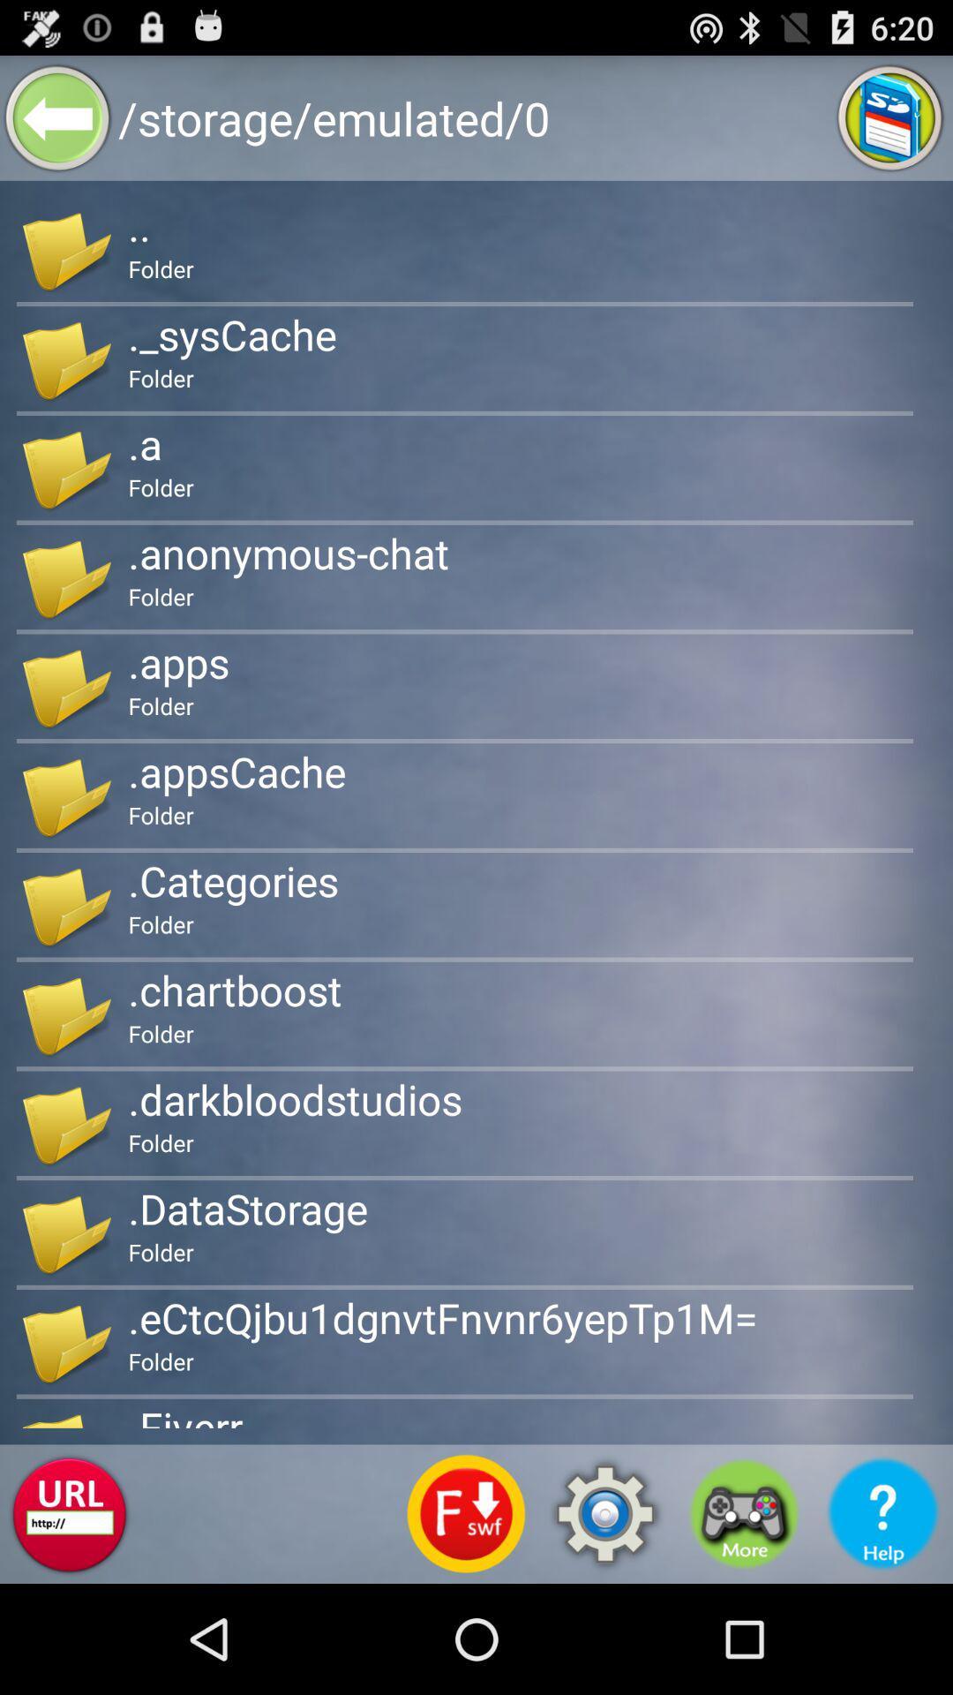  I want to click on the arrow_backward icon, so click(56, 125).